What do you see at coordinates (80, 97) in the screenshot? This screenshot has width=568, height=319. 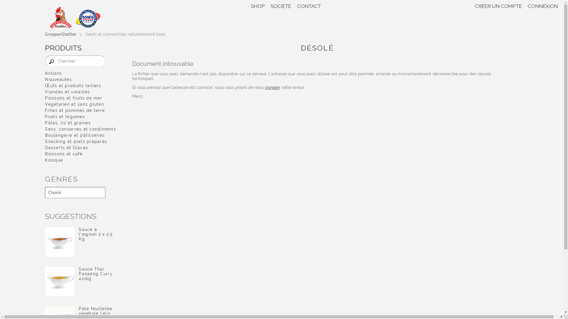 I see `'Poissons et fruits de mer'` at bounding box center [80, 97].